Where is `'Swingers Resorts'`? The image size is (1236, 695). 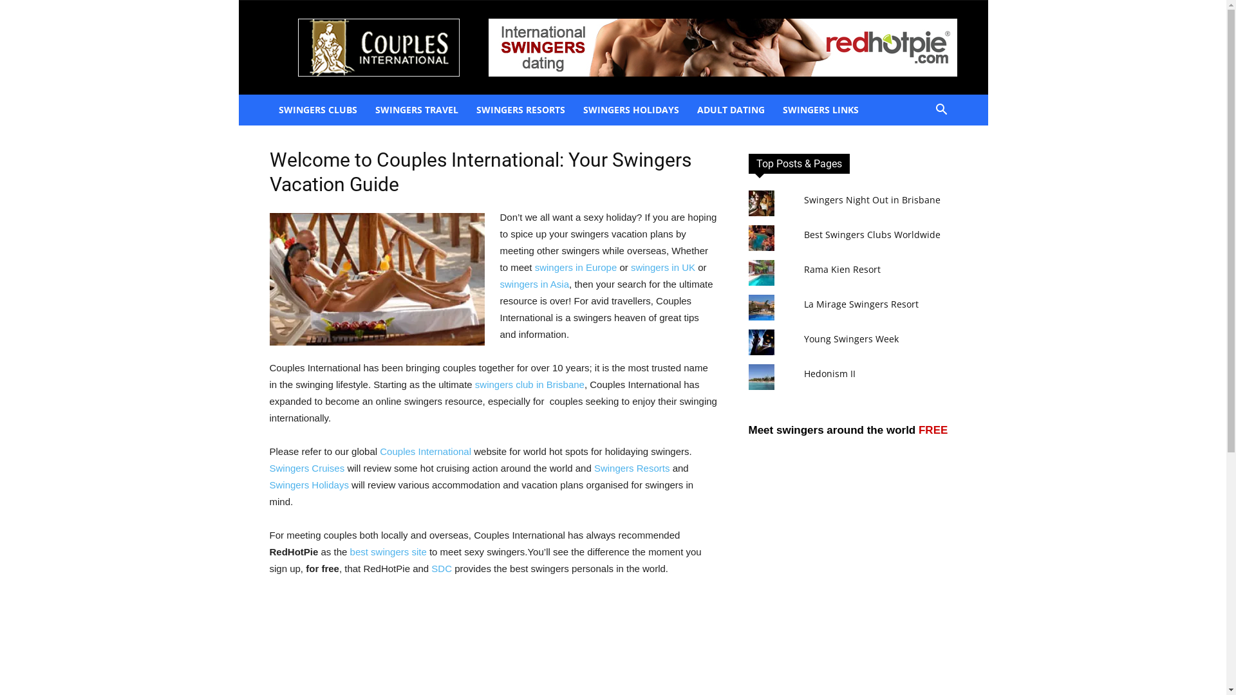
'Swingers Resorts' is located at coordinates (632, 468).